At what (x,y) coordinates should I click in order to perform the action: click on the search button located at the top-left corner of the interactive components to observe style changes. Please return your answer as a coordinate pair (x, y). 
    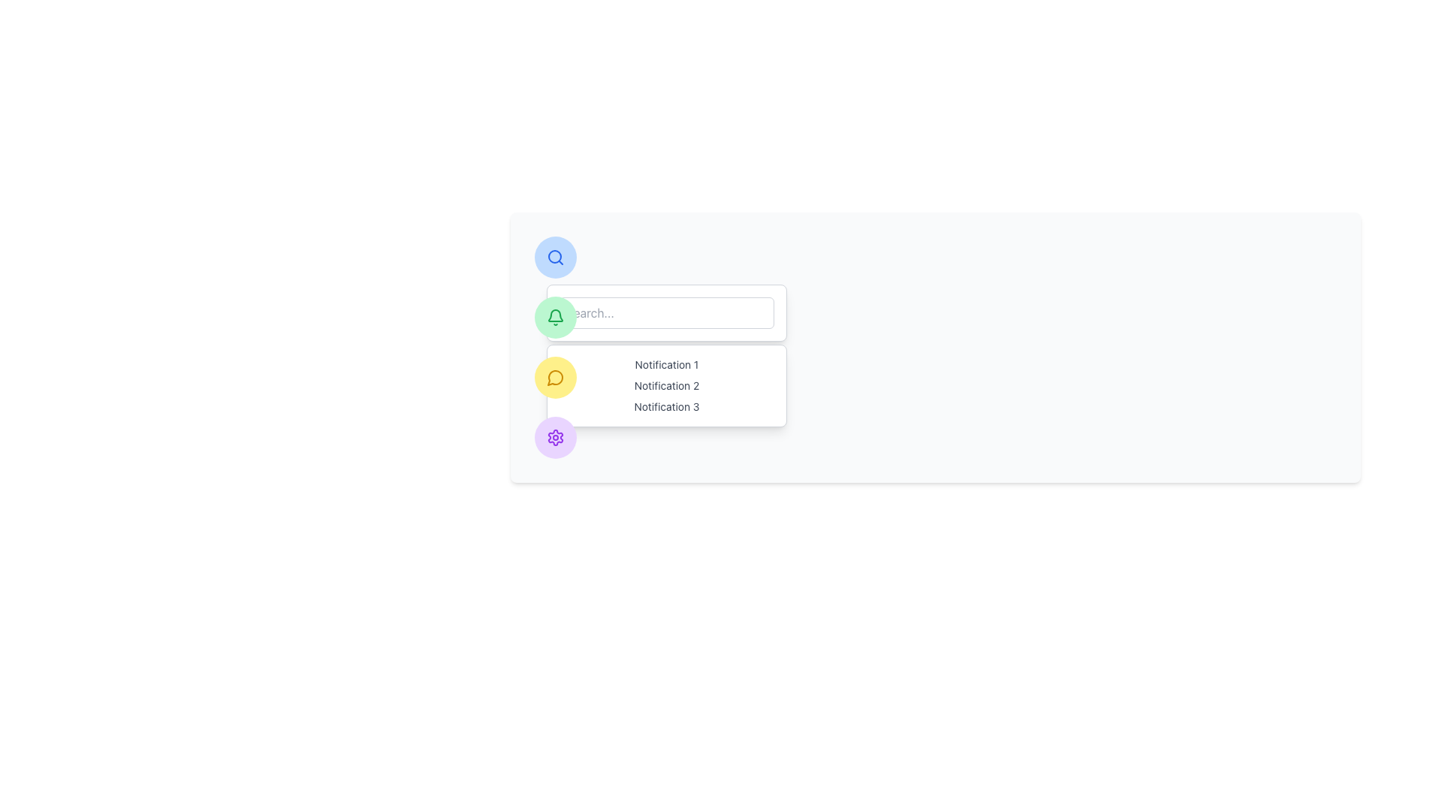
    Looking at the image, I should click on (554, 257).